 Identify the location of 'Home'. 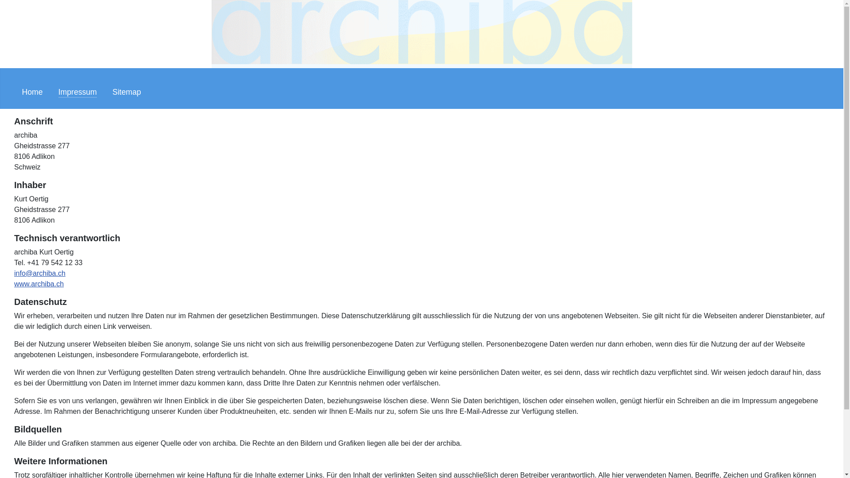
(32, 92).